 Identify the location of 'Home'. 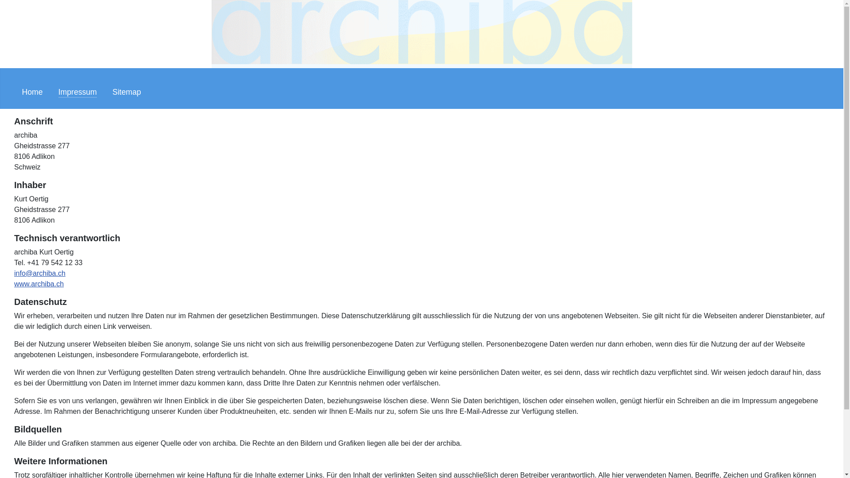
(32, 92).